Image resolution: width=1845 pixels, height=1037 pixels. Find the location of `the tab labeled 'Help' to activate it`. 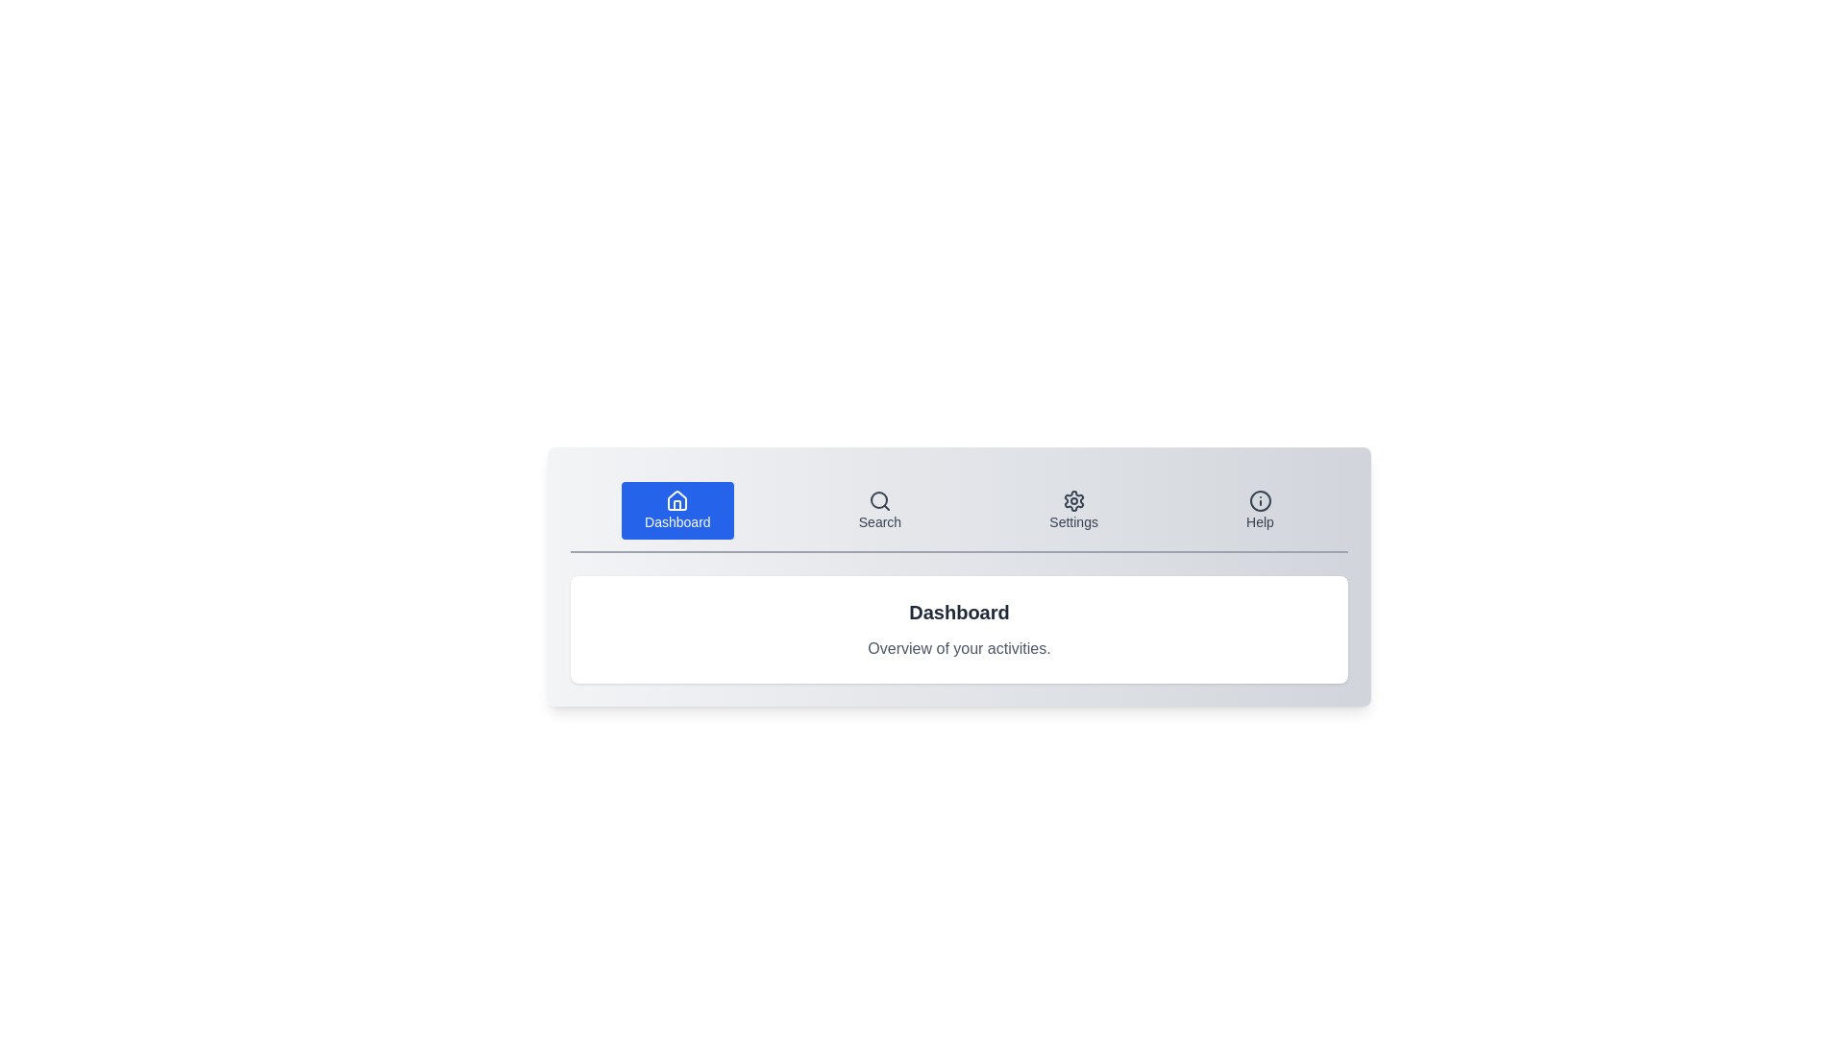

the tab labeled 'Help' to activate it is located at coordinates (1260, 510).